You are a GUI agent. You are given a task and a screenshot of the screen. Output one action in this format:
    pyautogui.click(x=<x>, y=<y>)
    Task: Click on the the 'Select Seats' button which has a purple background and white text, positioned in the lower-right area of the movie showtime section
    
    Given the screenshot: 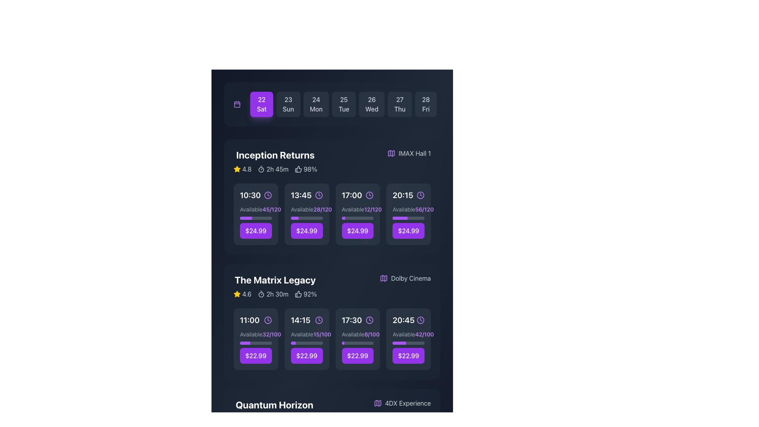 What is the action you would take?
    pyautogui.click(x=260, y=338)
    